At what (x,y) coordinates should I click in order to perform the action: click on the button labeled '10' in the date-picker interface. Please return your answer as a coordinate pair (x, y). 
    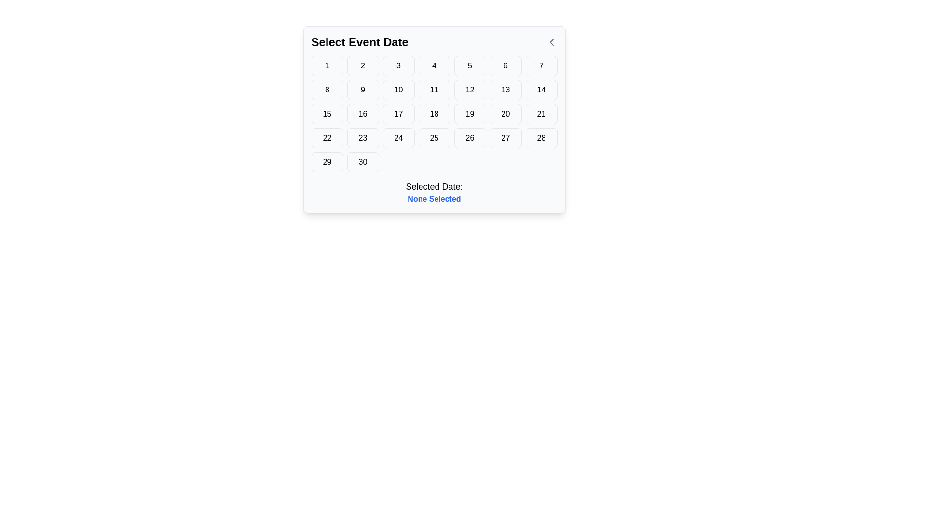
    Looking at the image, I should click on (398, 90).